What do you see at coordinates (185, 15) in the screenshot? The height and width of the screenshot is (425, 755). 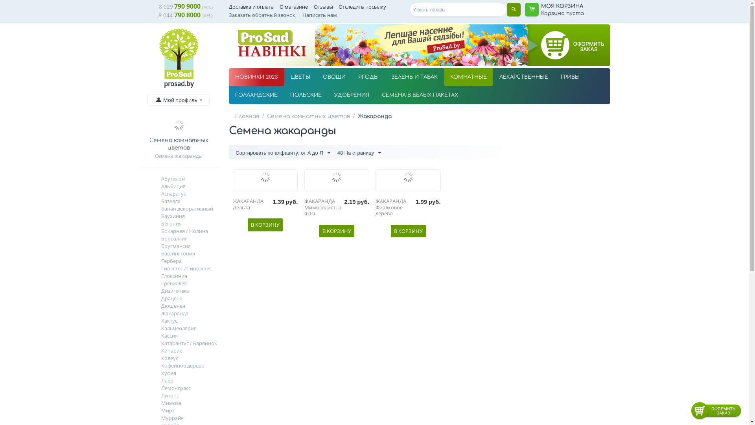 I see `'8 044 790 8000 (VEL)'` at bounding box center [185, 15].